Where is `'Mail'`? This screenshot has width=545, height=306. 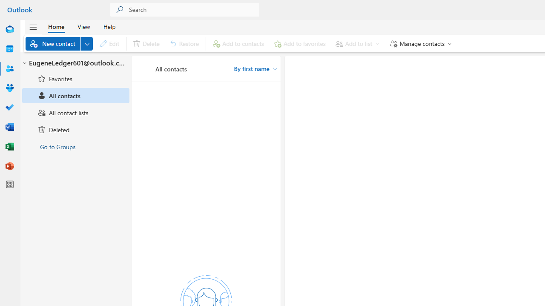
'Mail' is located at coordinates (10, 29).